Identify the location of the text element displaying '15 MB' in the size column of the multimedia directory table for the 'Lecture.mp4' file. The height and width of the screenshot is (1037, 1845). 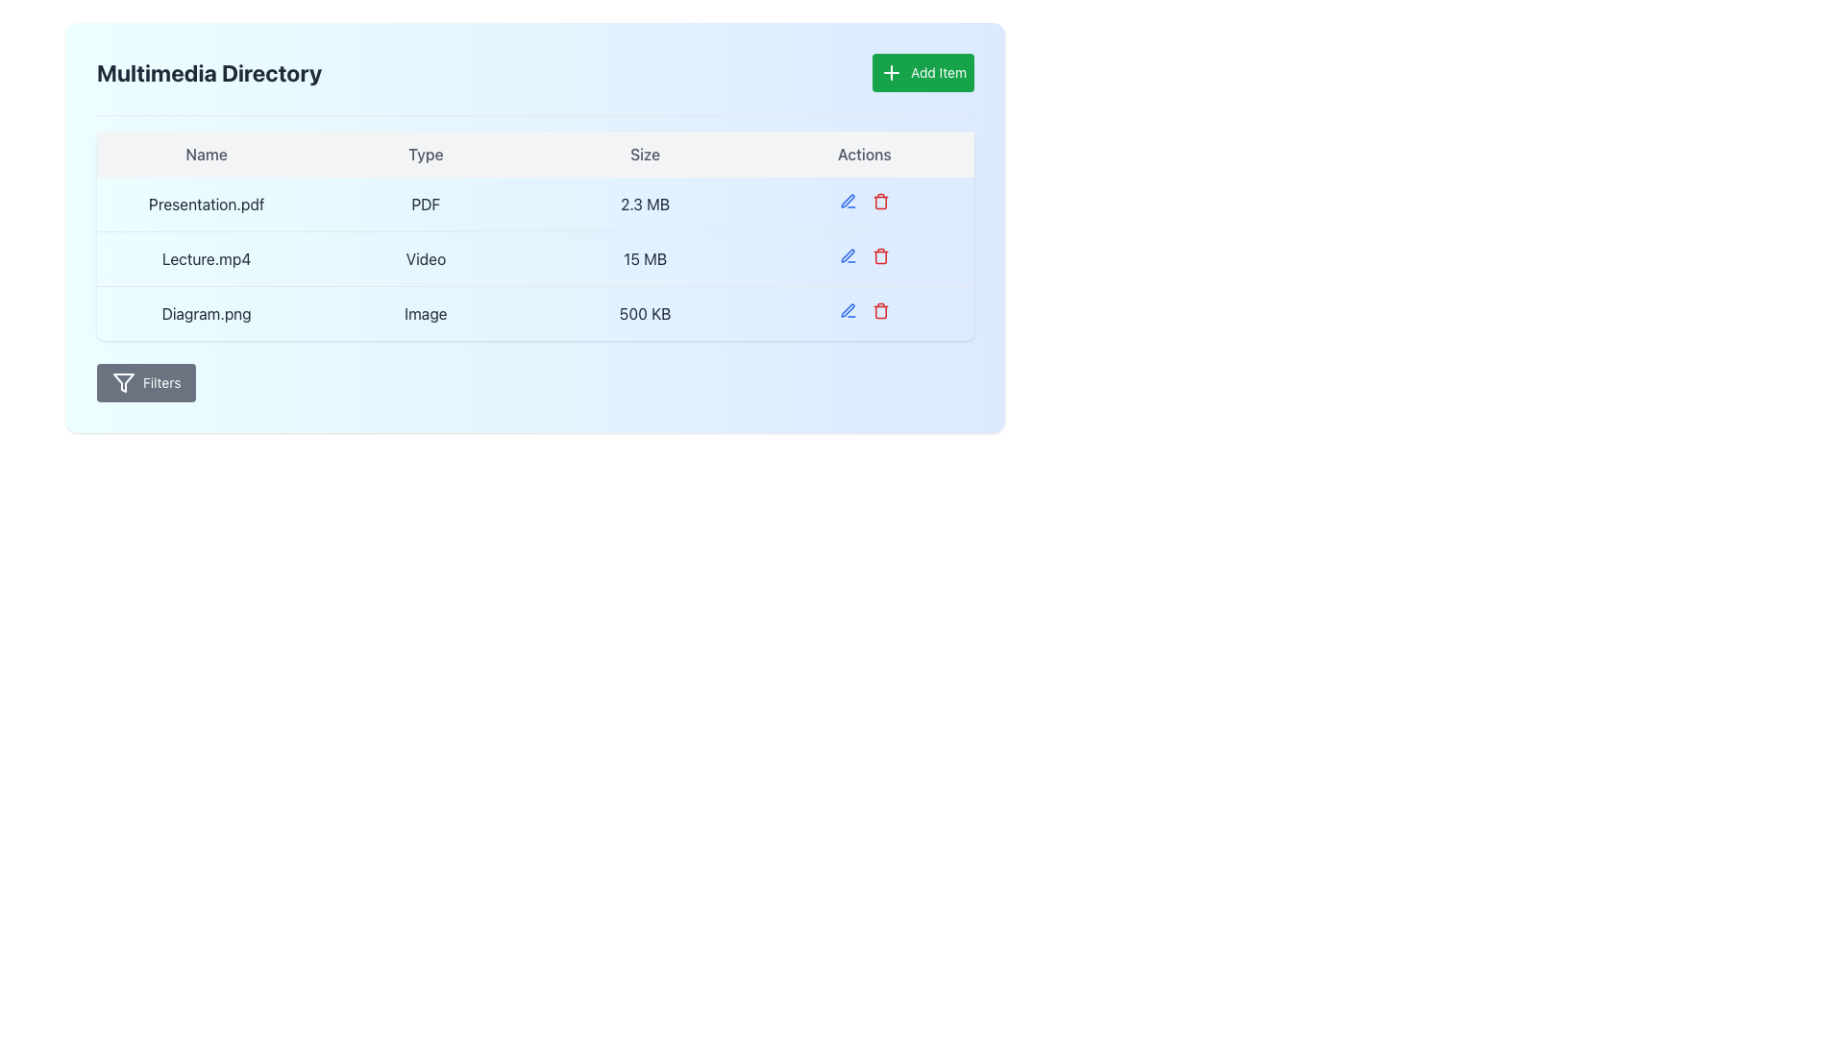
(645, 259).